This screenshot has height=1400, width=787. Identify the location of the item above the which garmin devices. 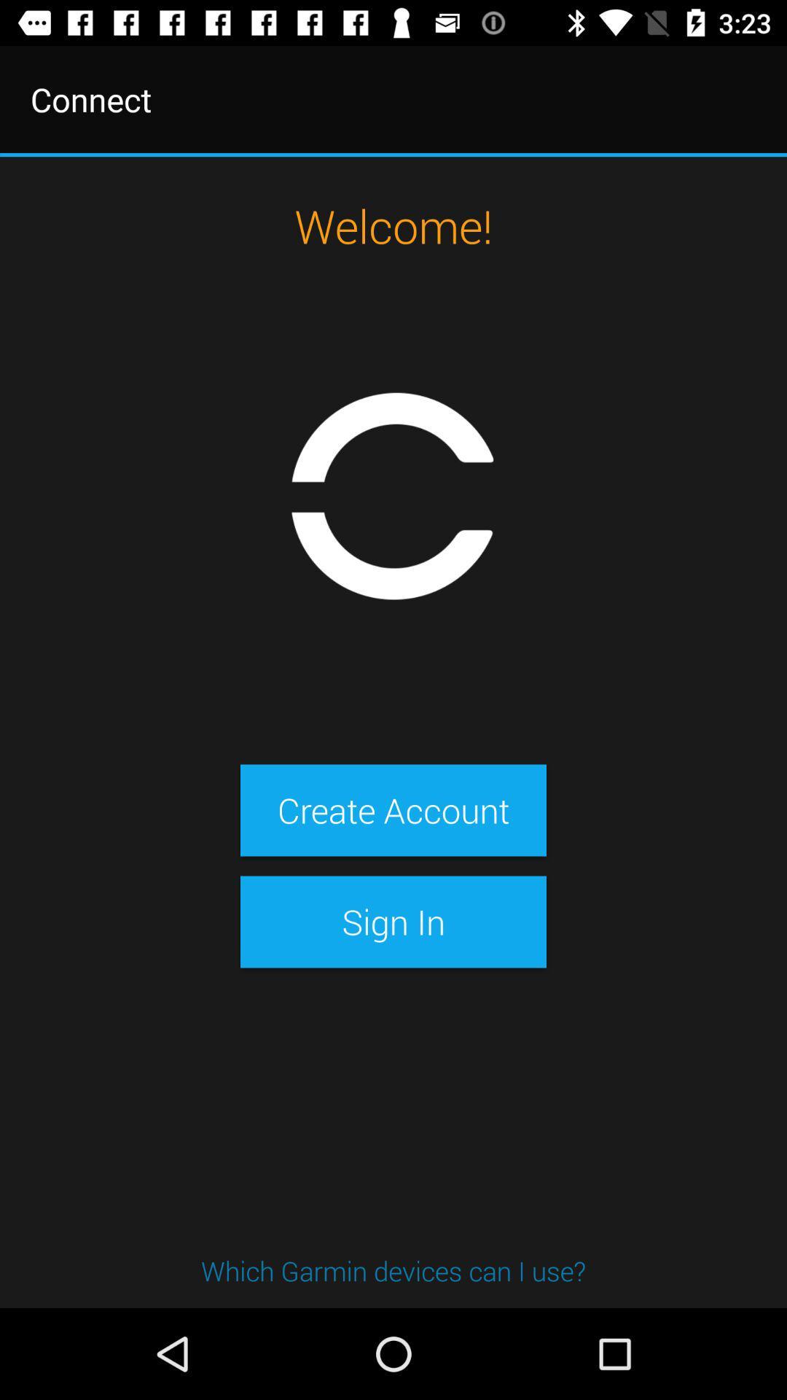
(393, 921).